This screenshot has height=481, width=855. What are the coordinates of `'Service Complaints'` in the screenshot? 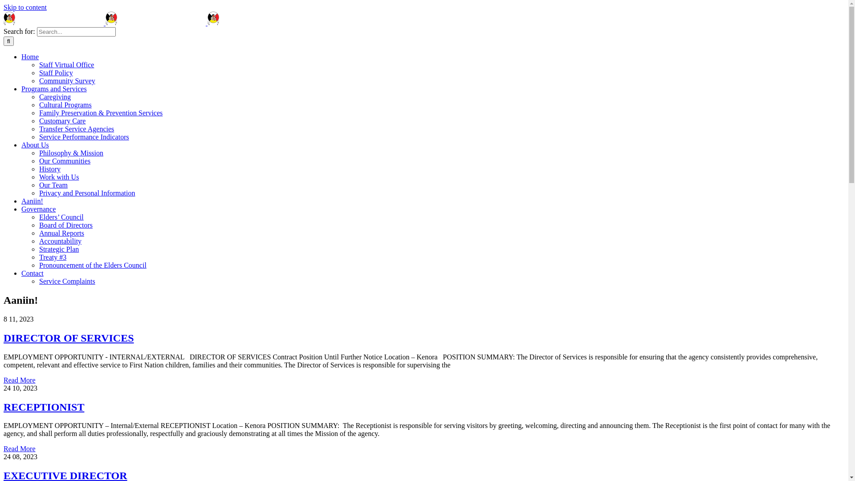 It's located at (66, 281).